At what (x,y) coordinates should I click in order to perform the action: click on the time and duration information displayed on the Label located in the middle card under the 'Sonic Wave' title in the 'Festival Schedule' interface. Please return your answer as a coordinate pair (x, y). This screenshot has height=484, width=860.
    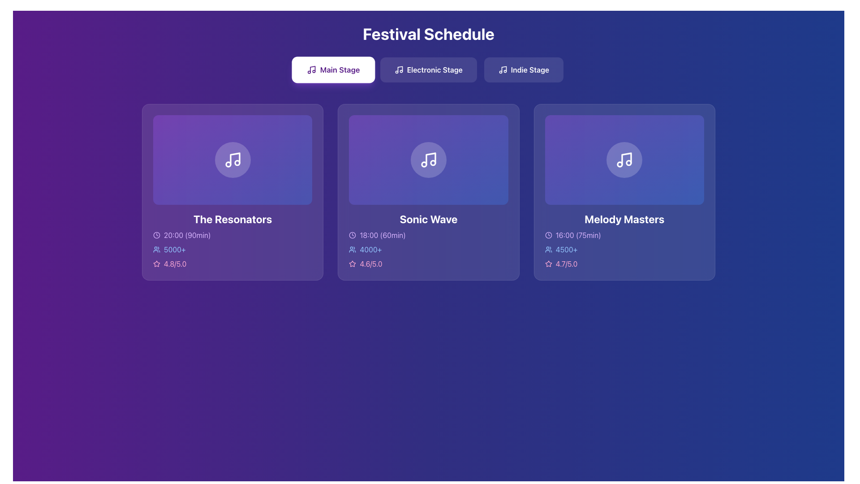
    Looking at the image, I should click on (428, 234).